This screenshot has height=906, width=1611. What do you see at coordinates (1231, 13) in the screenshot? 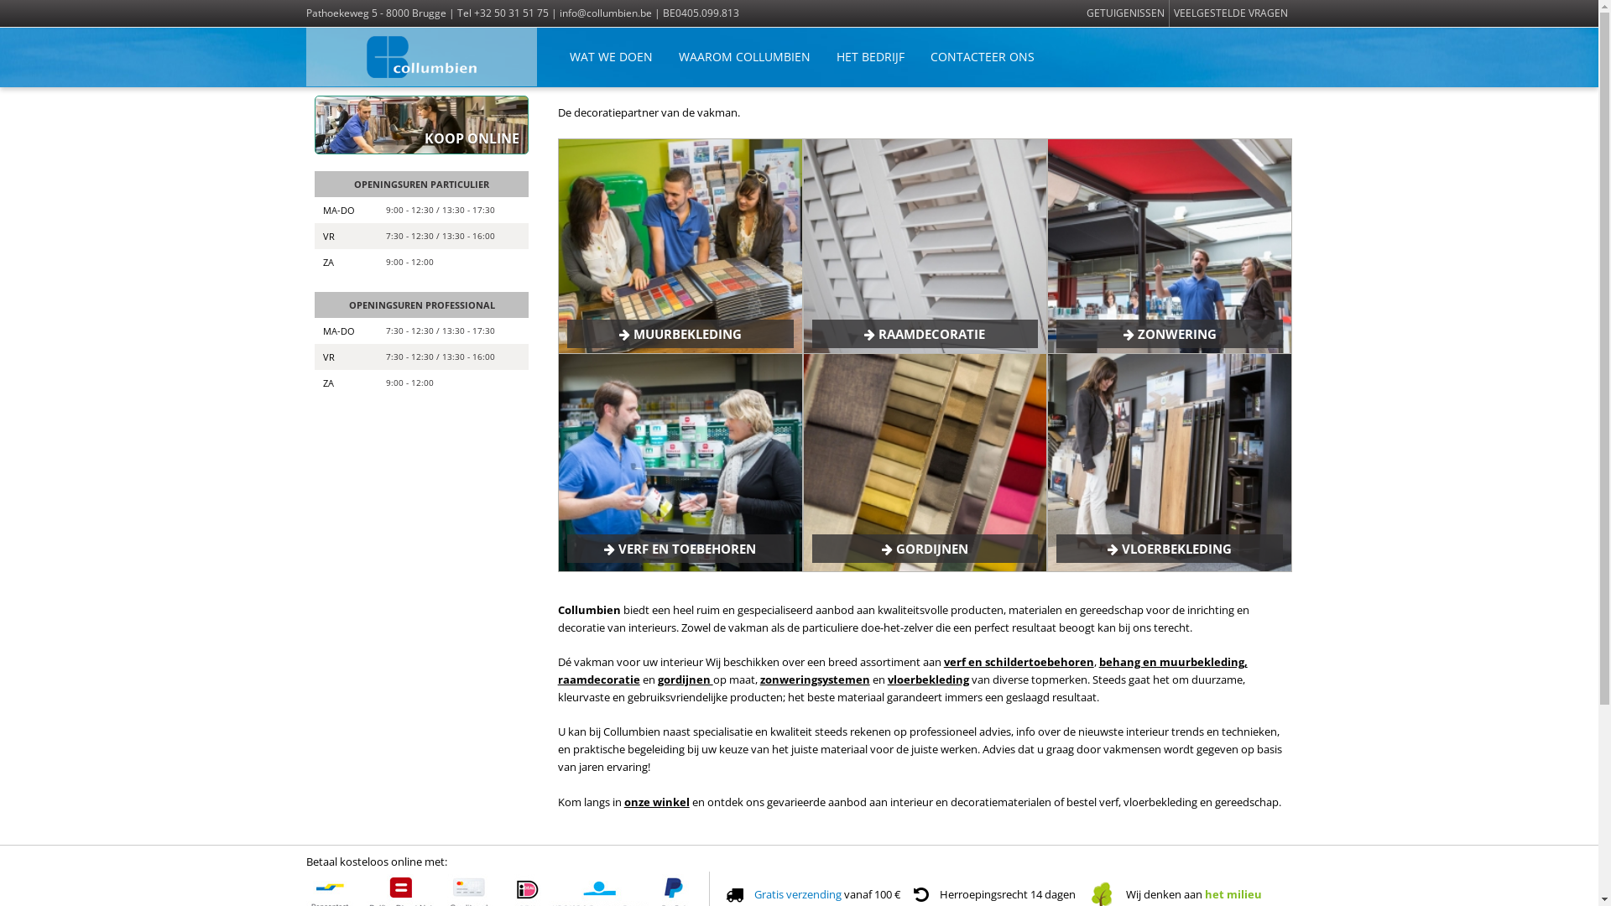
I see `'VEELGESTELDE VRAGEN'` at bounding box center [1231, 13].